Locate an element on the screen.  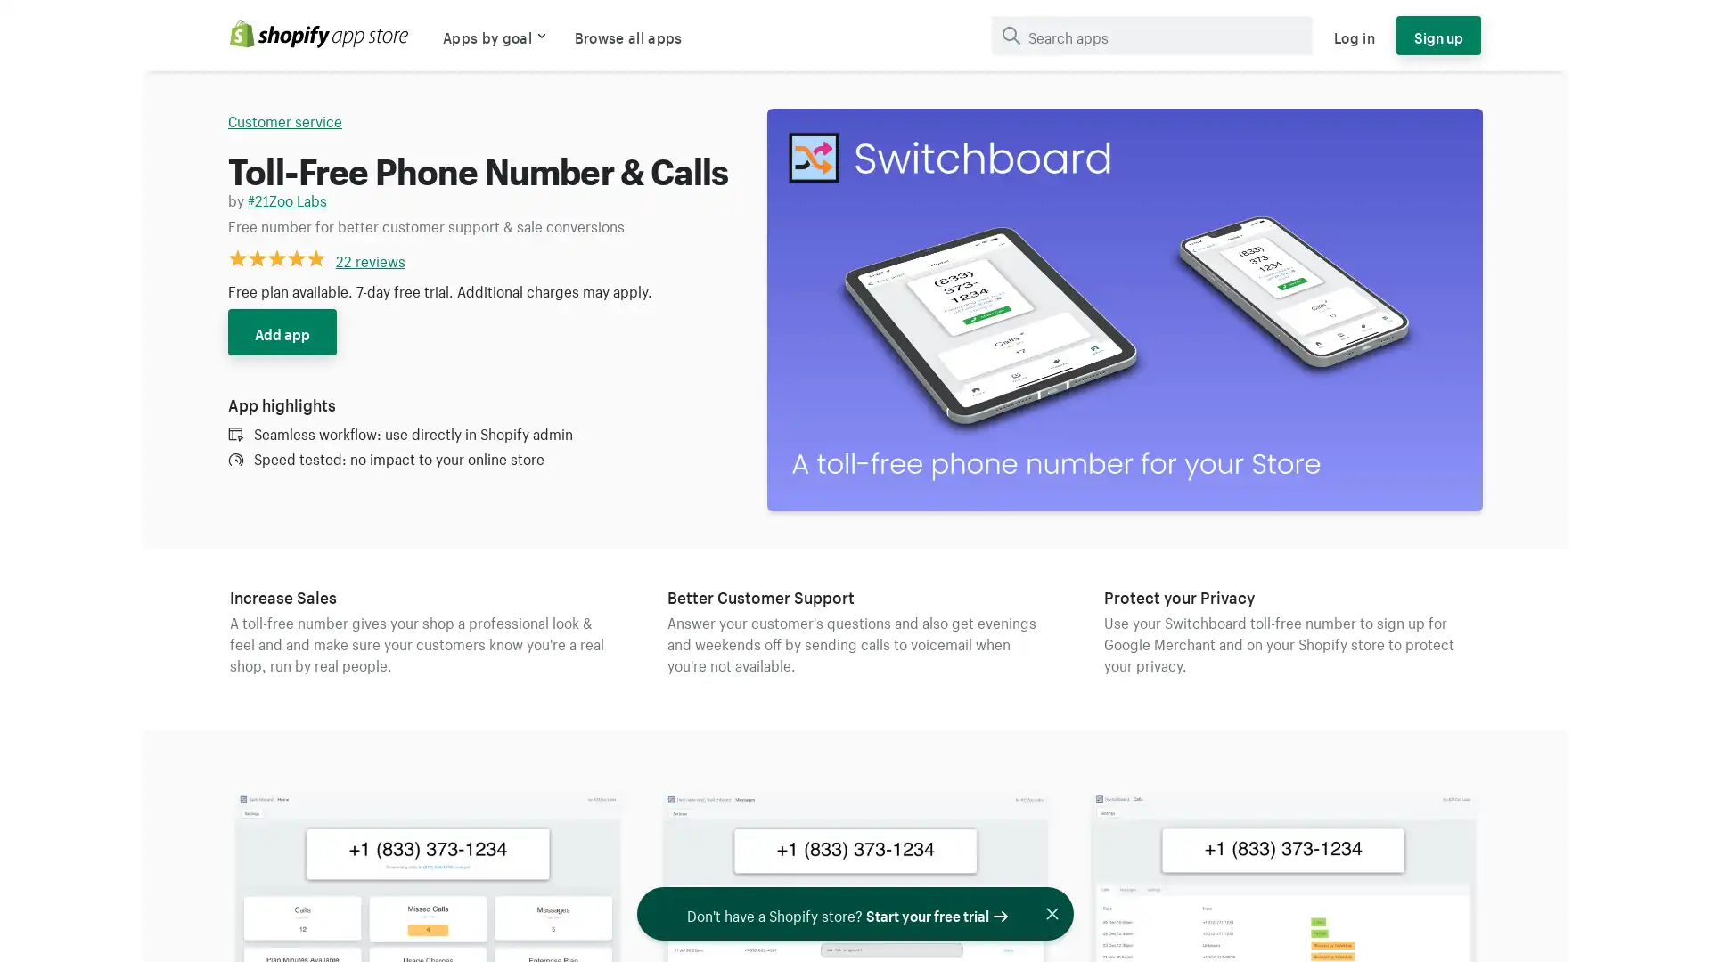
Add app is located at coordinates (281, 332).